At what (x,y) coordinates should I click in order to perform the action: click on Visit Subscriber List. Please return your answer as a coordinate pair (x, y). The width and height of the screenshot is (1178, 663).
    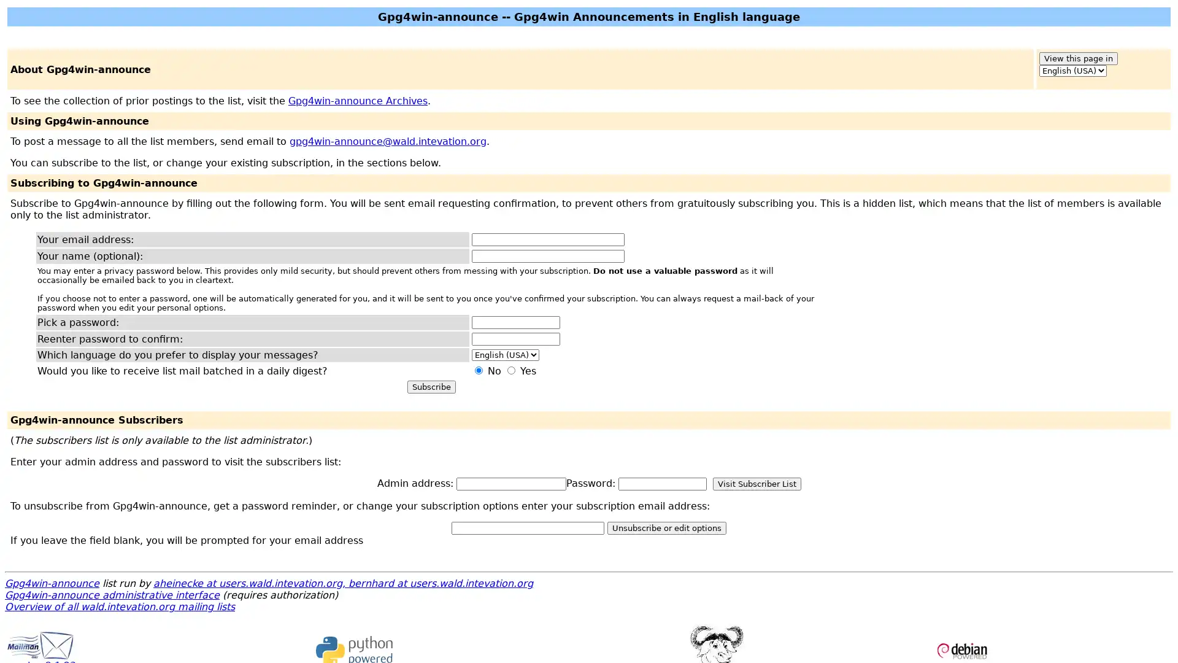
    Looking at the image, I should click on (756, 483).